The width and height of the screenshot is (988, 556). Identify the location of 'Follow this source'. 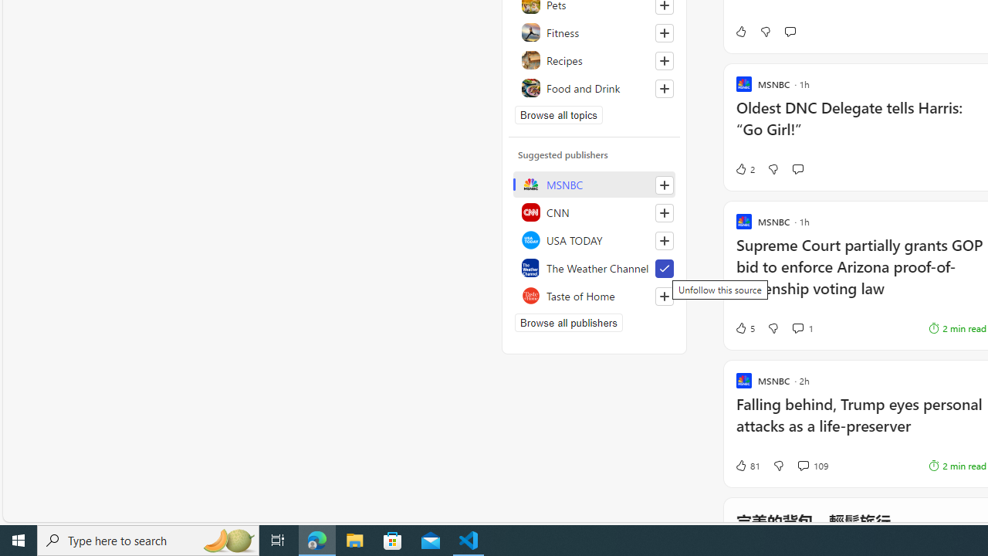
(664, 297).